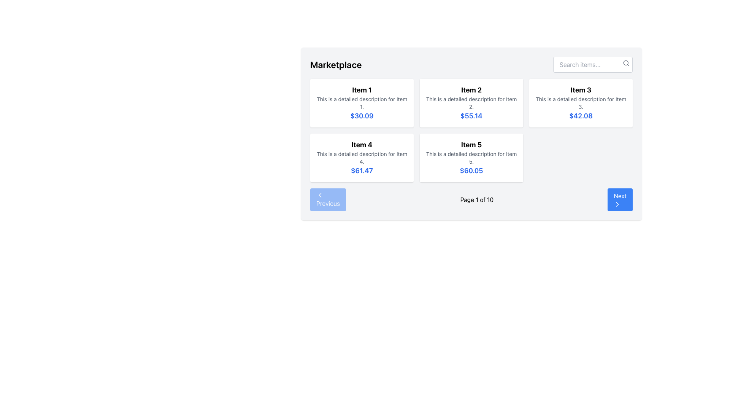 The image size is (730, 411). I want to click on price information displayed in the text label '$55.14', which is styled in a bold and large blue font below the description of 'Item 2' in the card layout, so click(471, 116).